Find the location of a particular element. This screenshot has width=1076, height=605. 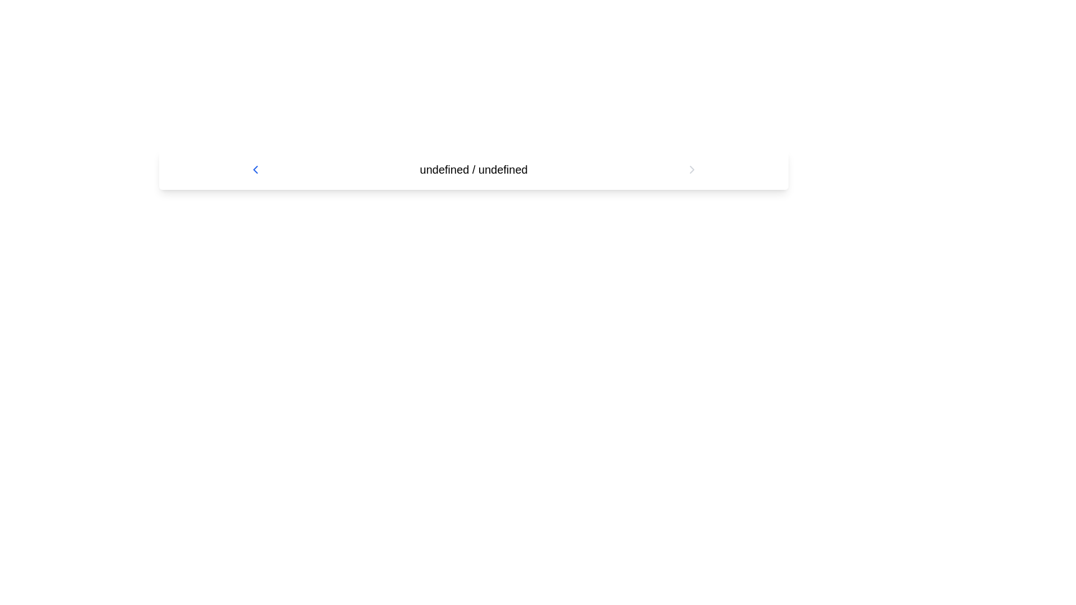

the left-pointing chevron icon within the 'Previous Page' navigation control is located at coordinates (255, 170).